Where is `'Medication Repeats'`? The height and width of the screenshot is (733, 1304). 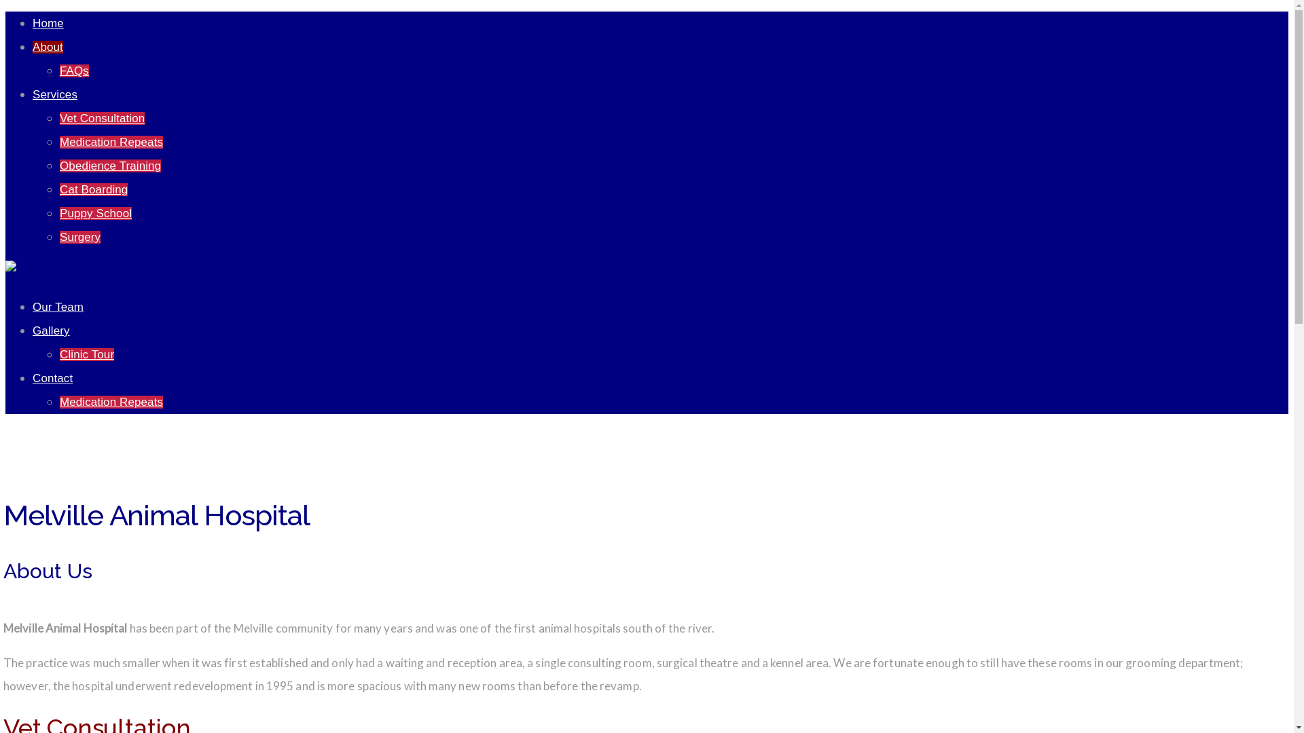
'Medication Repeats' is located at coordinates (58, 142).